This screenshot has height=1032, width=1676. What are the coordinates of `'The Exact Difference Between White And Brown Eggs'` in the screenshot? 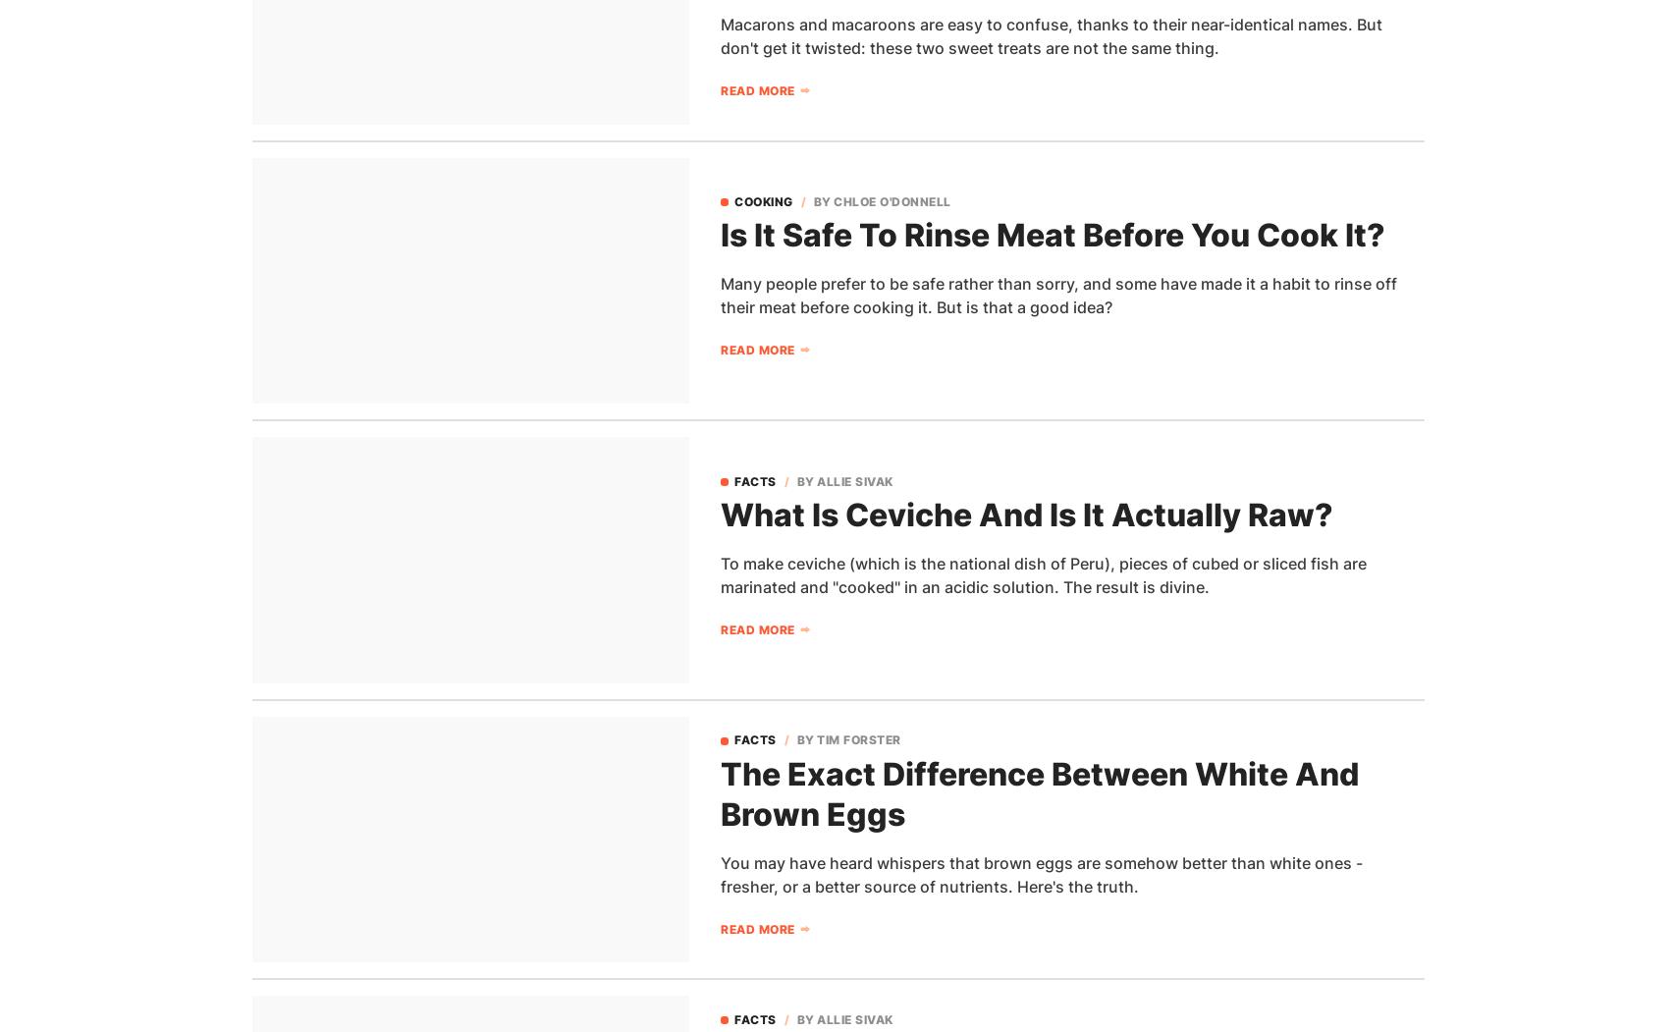 It's located at (1039, 792).